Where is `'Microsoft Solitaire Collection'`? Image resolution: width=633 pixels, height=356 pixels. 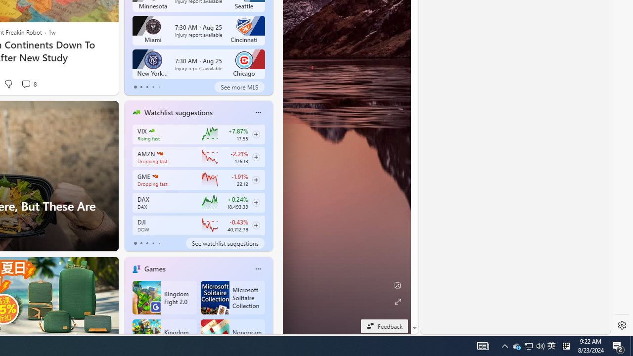 'Microsoft Solitaire Collection' is located at coordinates (232, 297).